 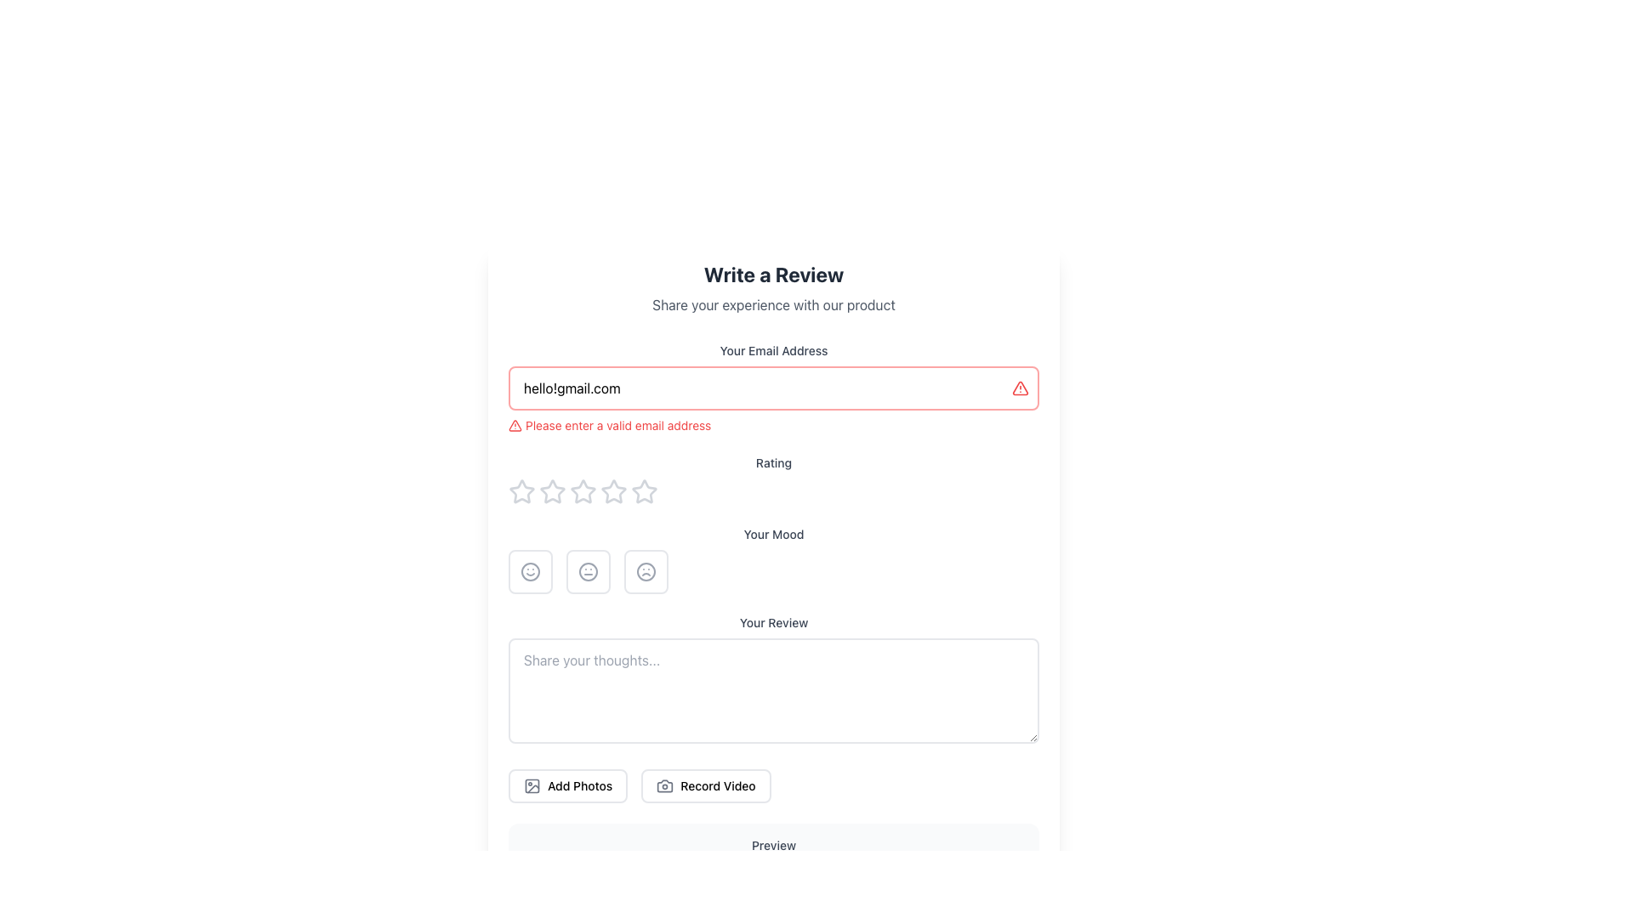 I want to click on the third star-shaped icon with a gray outline, located under the 'Rating' label, so click(x=583, y=491).